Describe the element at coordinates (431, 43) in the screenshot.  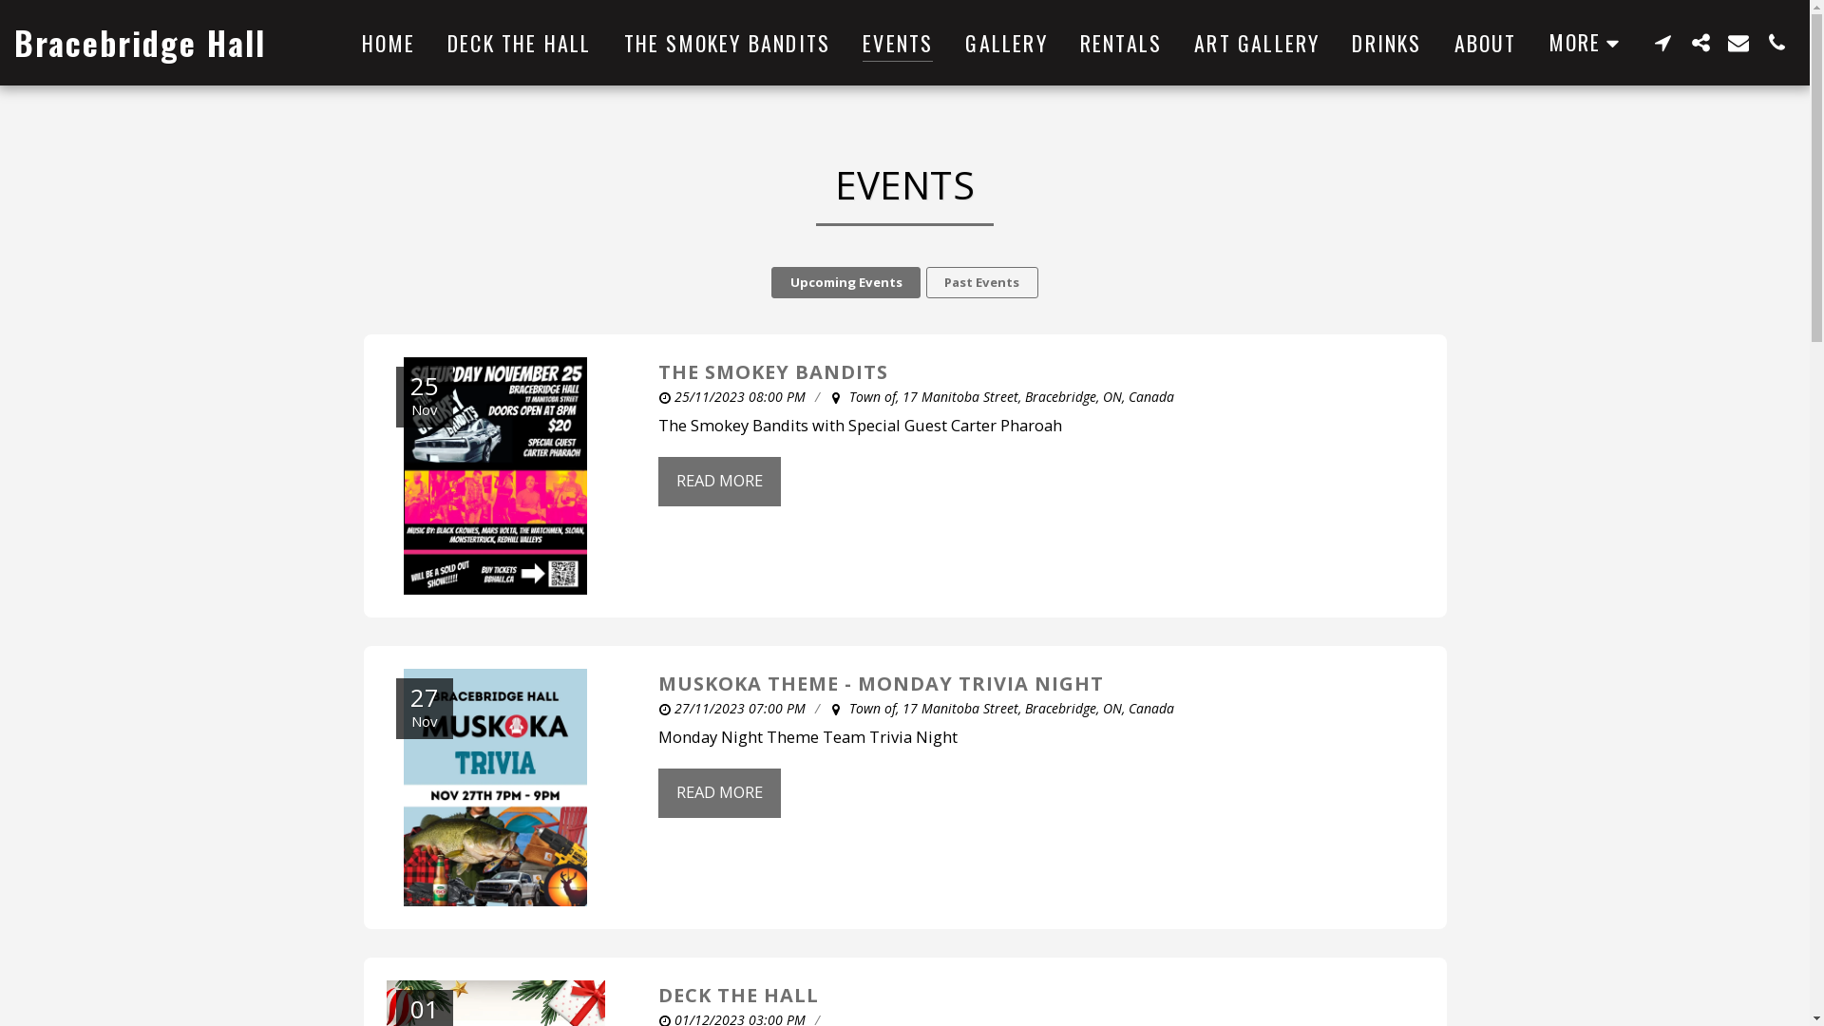
I see `'DECK THE HALL'` at that location.